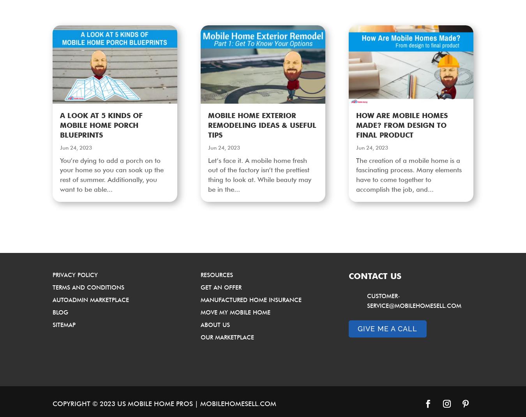  Describe the element at coordinates (216, 275) in the screenshot. I see `'Resources'` at that location.